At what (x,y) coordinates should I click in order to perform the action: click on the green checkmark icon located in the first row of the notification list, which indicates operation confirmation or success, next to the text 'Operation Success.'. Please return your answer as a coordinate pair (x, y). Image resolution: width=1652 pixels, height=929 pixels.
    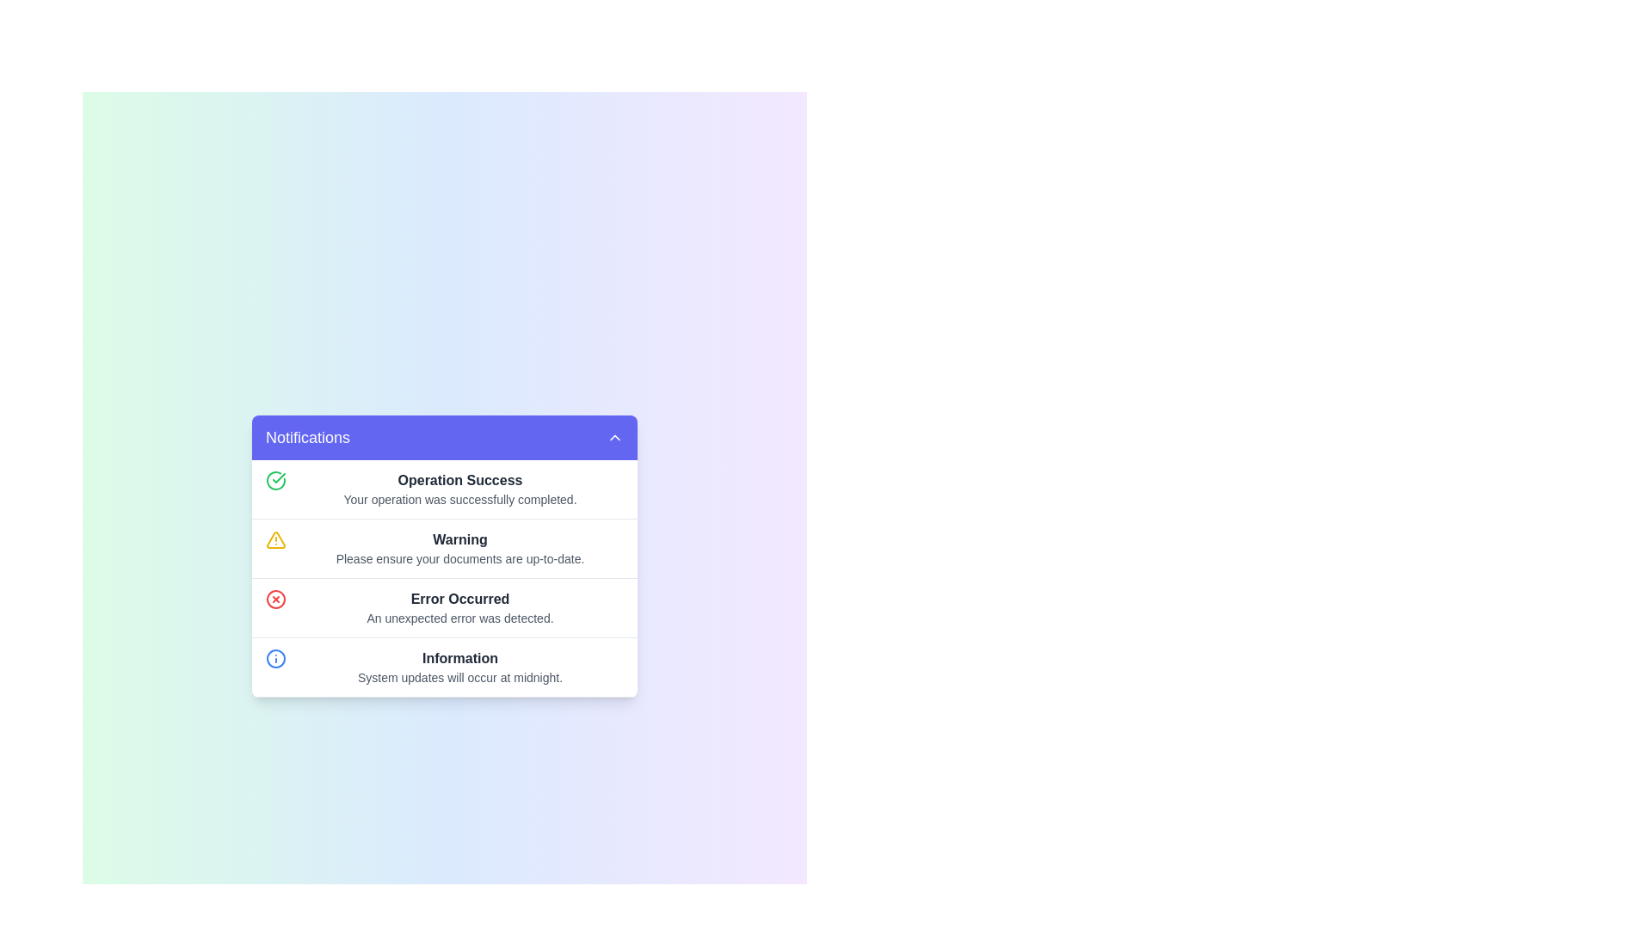
    Looking at the image, I should click on (276, 481).